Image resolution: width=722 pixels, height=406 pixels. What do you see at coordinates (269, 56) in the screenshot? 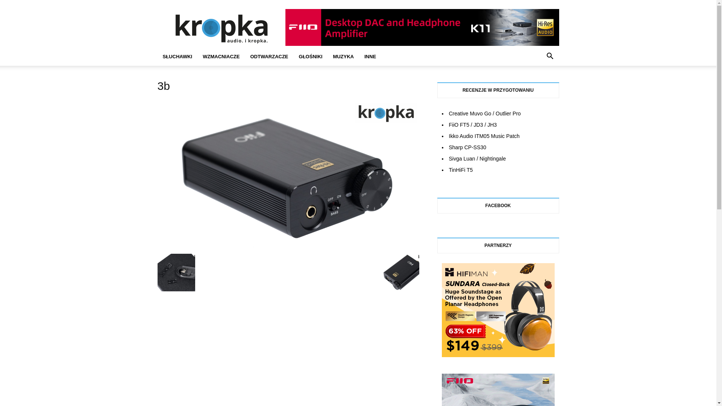
I see `'ODTWARZACZE'` at bounding box center [269, 56].